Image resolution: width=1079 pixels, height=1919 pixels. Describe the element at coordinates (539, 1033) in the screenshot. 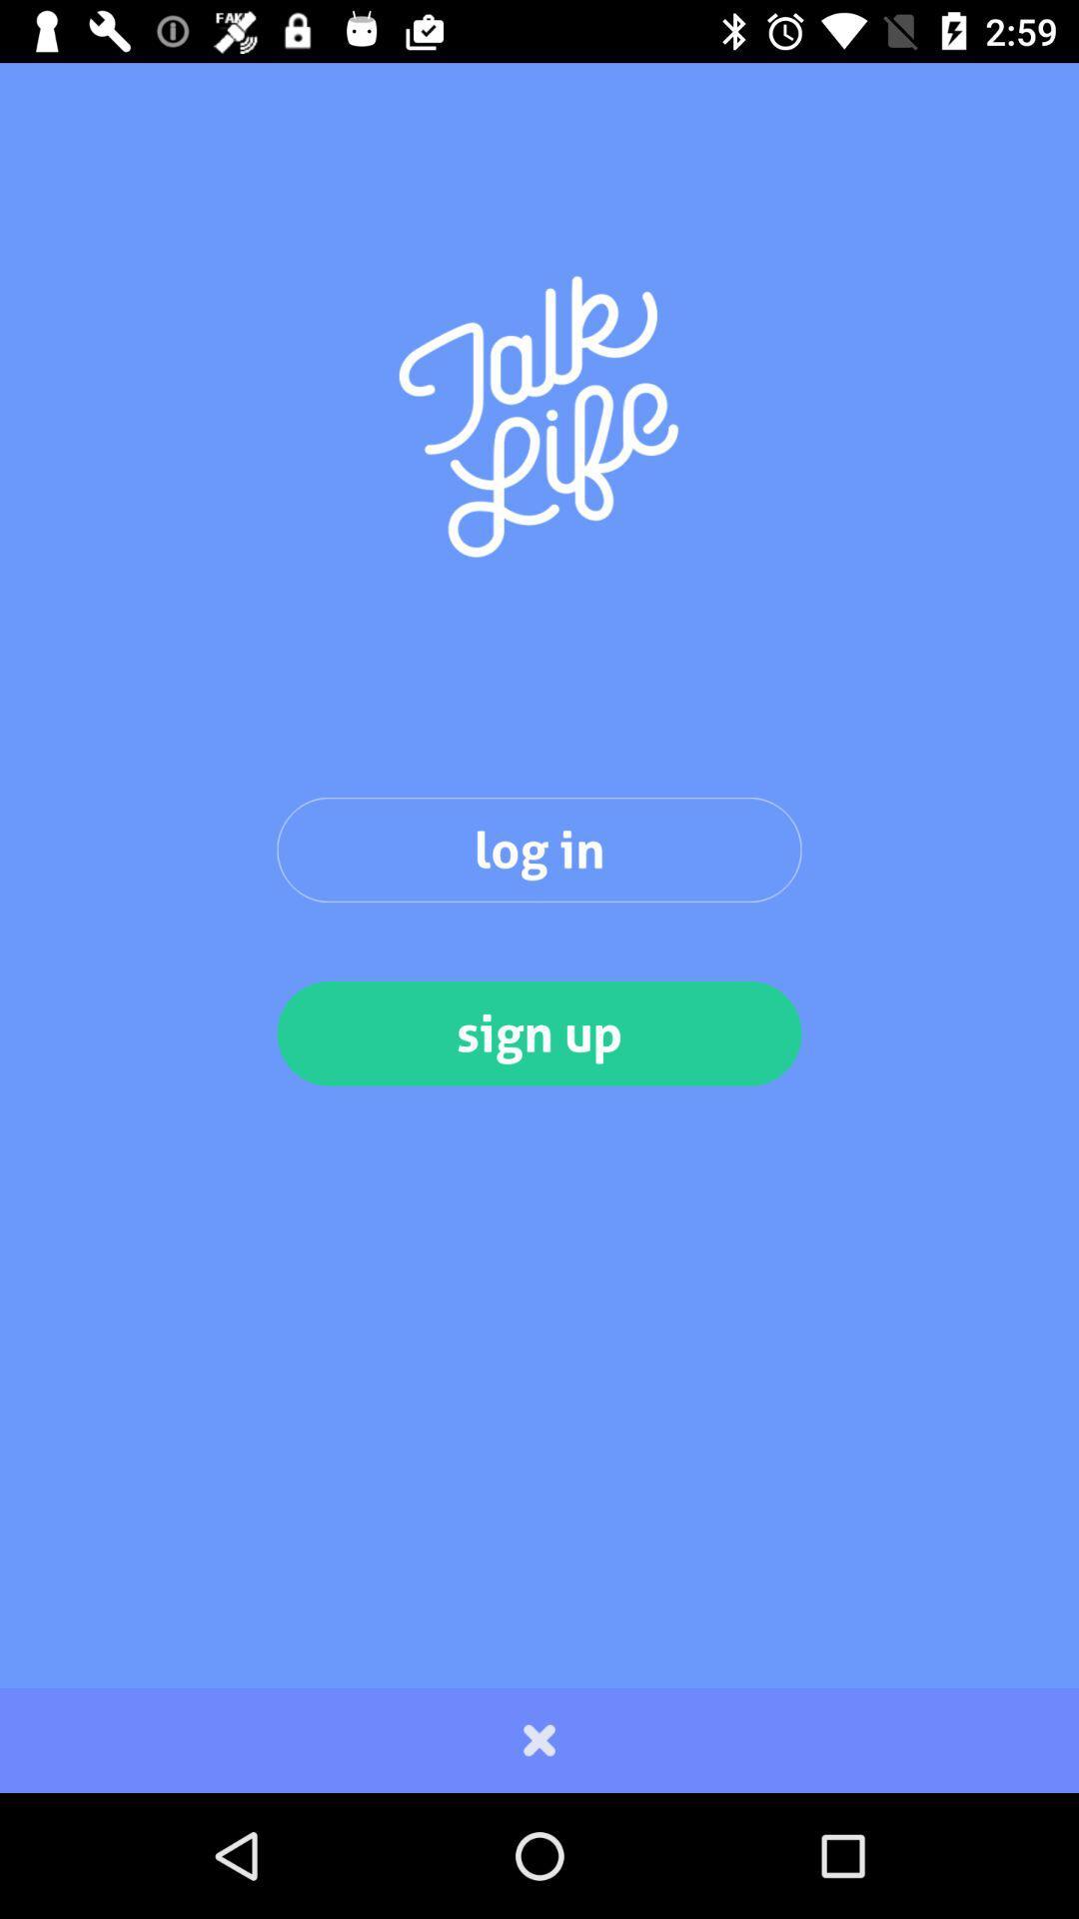

I see `item below the log in` at that location.